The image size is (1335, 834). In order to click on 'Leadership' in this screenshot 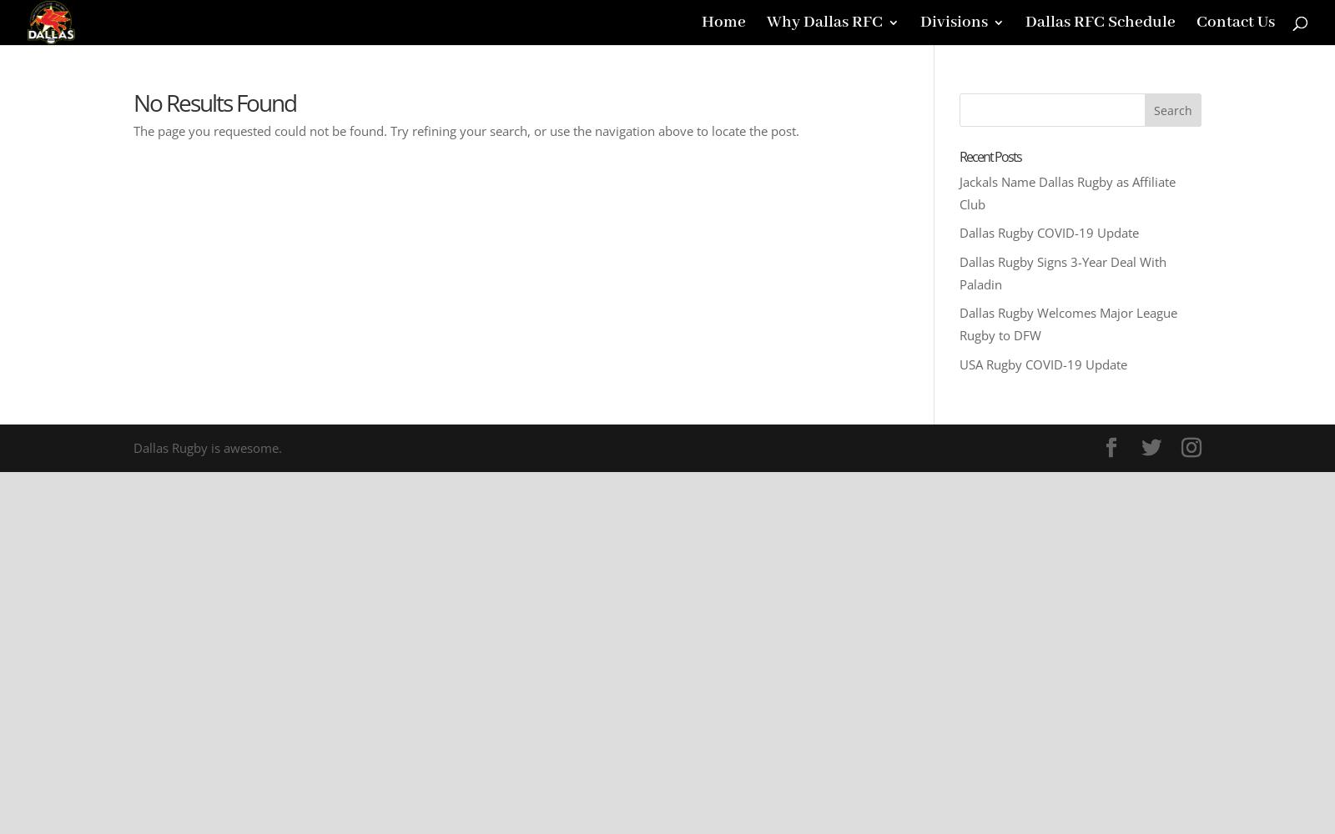, I will do `click(840, 113)`.